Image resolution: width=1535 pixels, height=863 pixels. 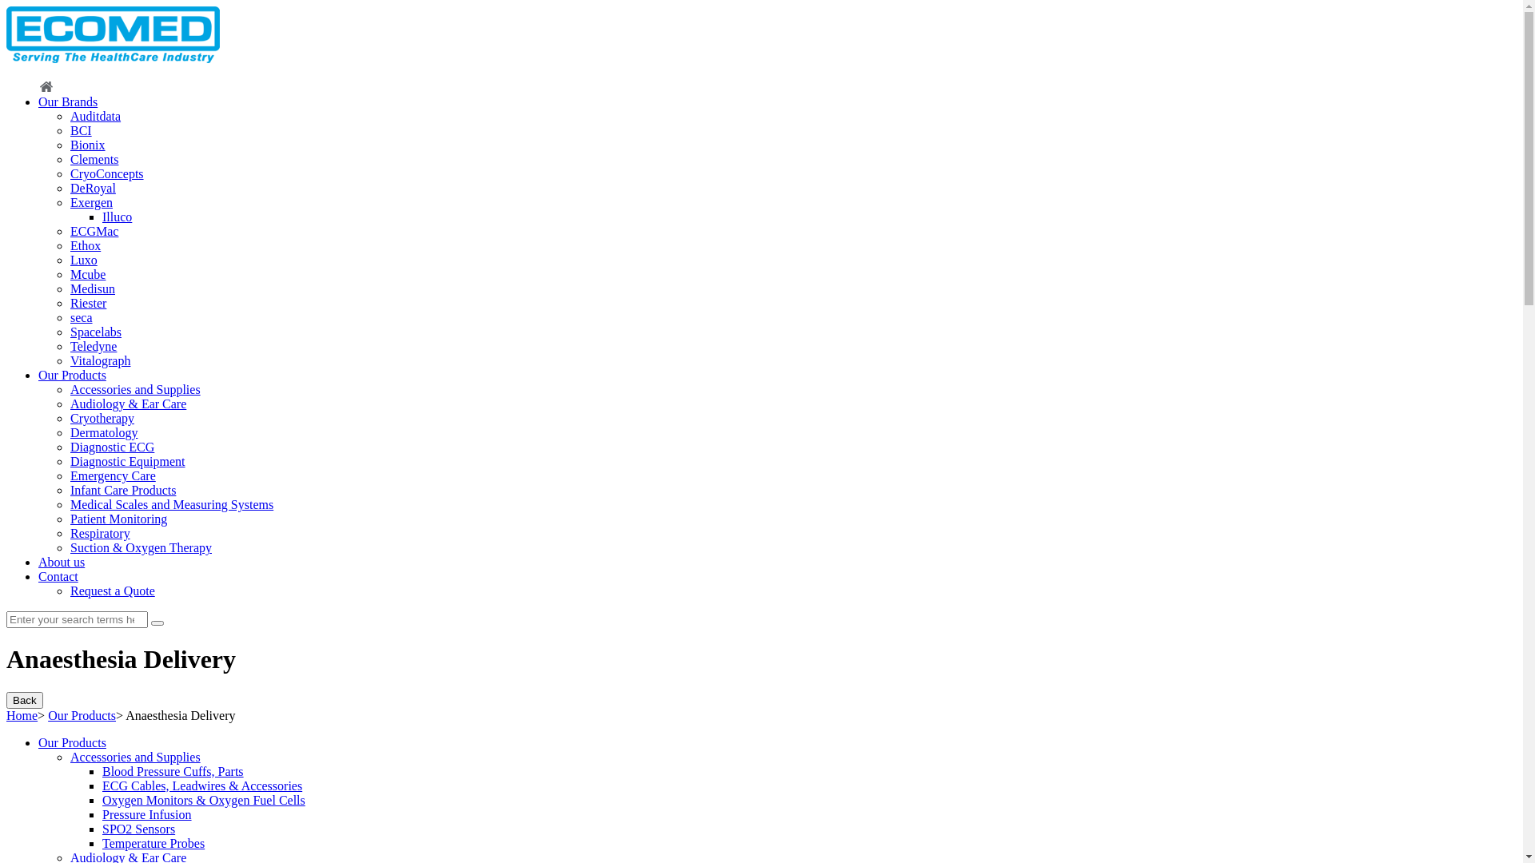 I want to click on 'Clements', so click(x=94, y=159).